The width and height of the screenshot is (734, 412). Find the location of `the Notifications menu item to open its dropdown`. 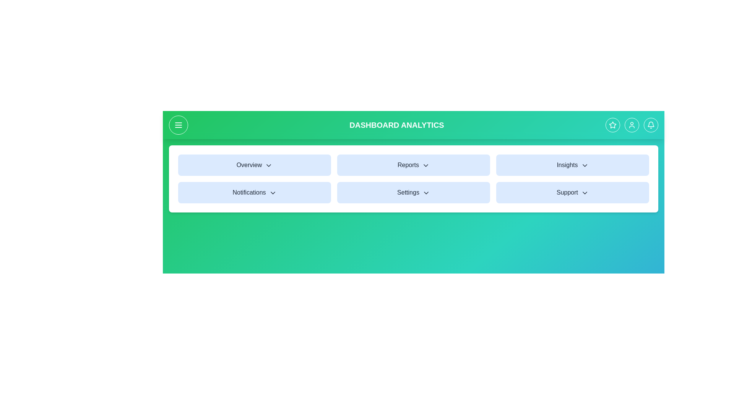

the Notifications menu item to open its dropdown is located at coordinates (255, 192).